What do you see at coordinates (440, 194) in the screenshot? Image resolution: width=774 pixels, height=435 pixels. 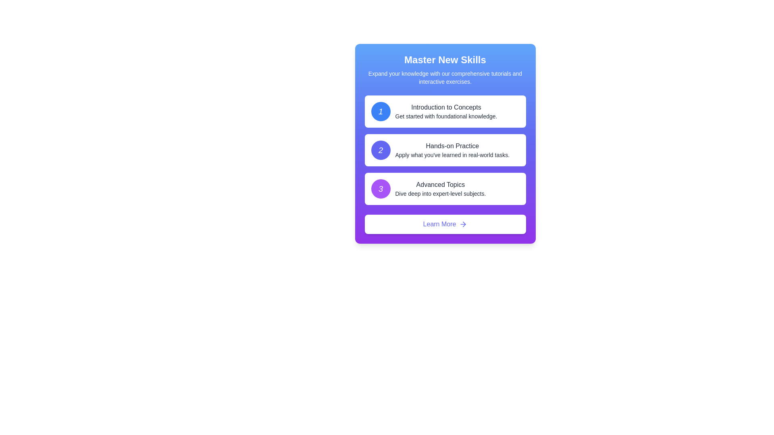 I see `supplementary explanation text label located under the 'Advanced Topics' section in the third box of the stack` at bounding box center [440, 194].